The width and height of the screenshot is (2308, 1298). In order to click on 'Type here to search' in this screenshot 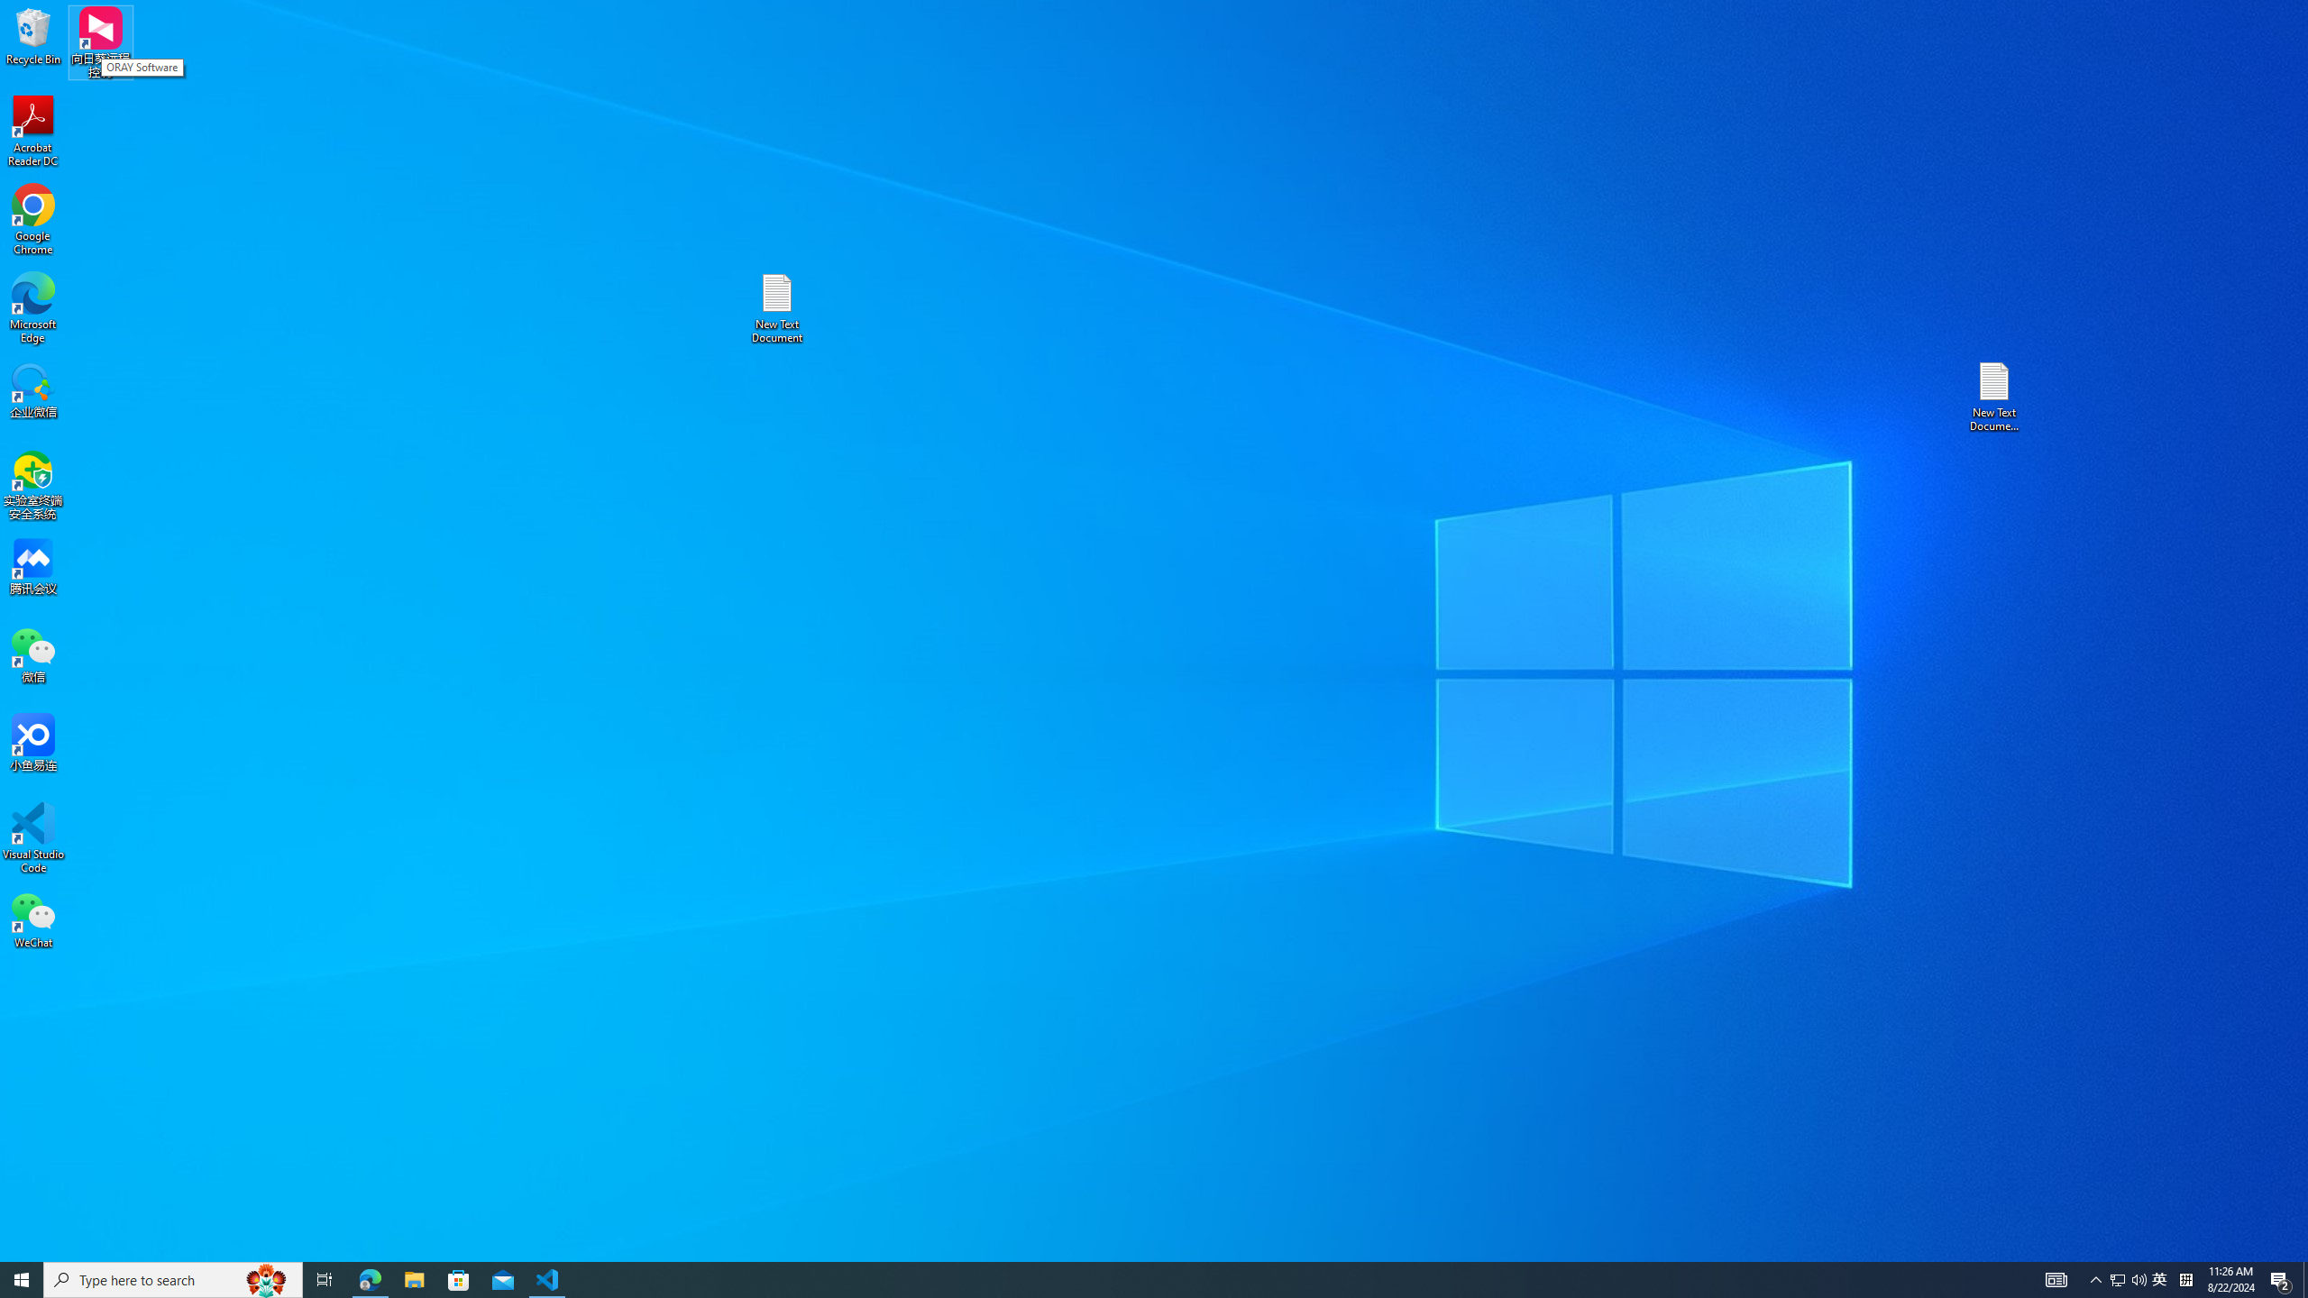, I will do `click(172, 1278)`.